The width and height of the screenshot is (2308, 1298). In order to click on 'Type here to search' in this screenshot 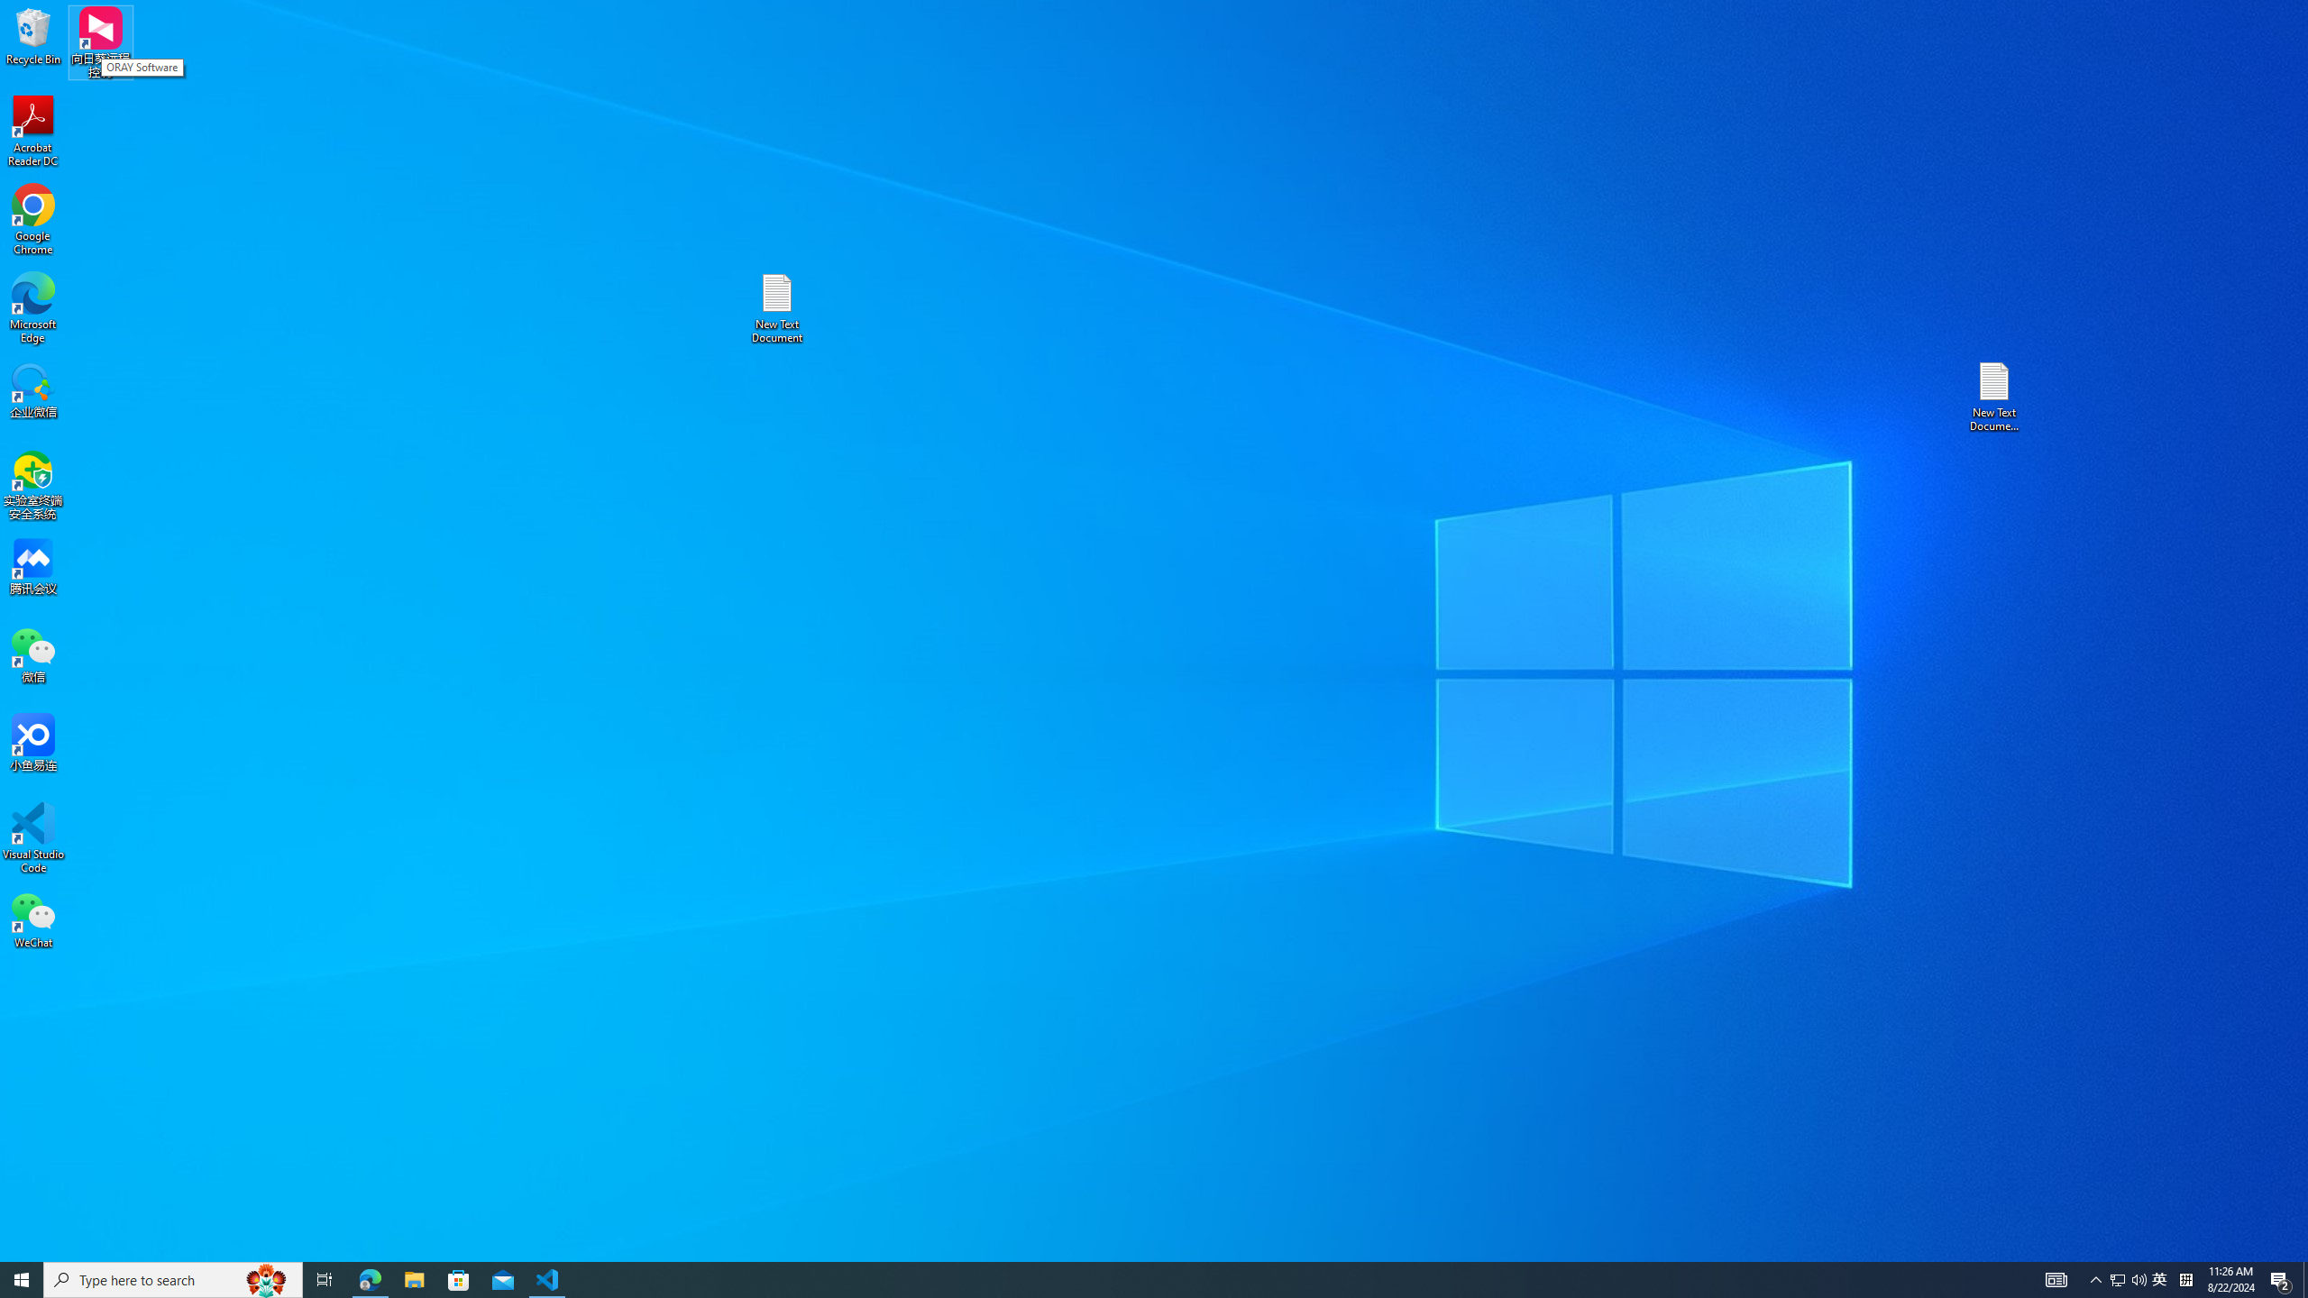, I will do `click(172, 1278)`.